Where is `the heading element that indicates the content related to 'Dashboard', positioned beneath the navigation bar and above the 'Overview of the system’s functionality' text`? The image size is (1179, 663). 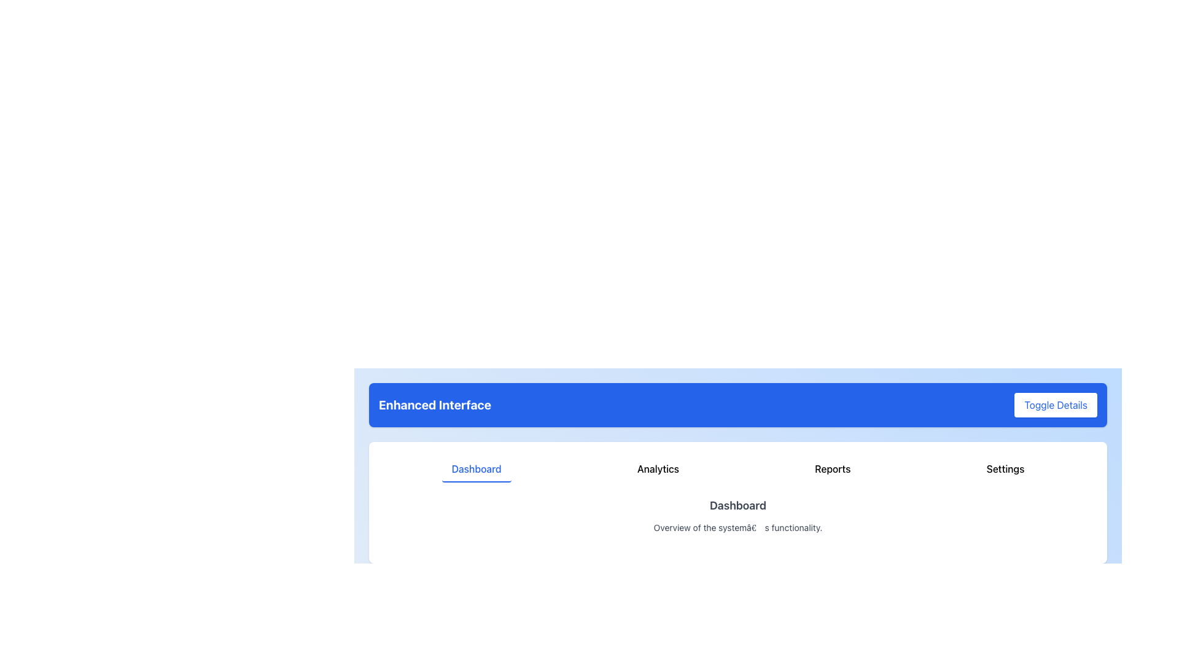 the heading element that indicates the content related to 'Dashboard', positioned beneath the navigation bar and above the 'Overview of the system’s functionality' text is located at coordinates (737, 506).